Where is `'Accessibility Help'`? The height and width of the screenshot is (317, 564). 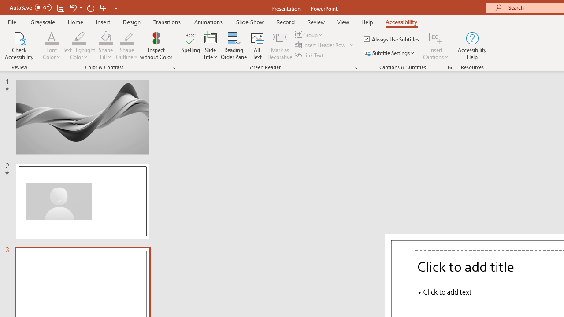
'Accessibility Help' is located at coordinates (472, 46).